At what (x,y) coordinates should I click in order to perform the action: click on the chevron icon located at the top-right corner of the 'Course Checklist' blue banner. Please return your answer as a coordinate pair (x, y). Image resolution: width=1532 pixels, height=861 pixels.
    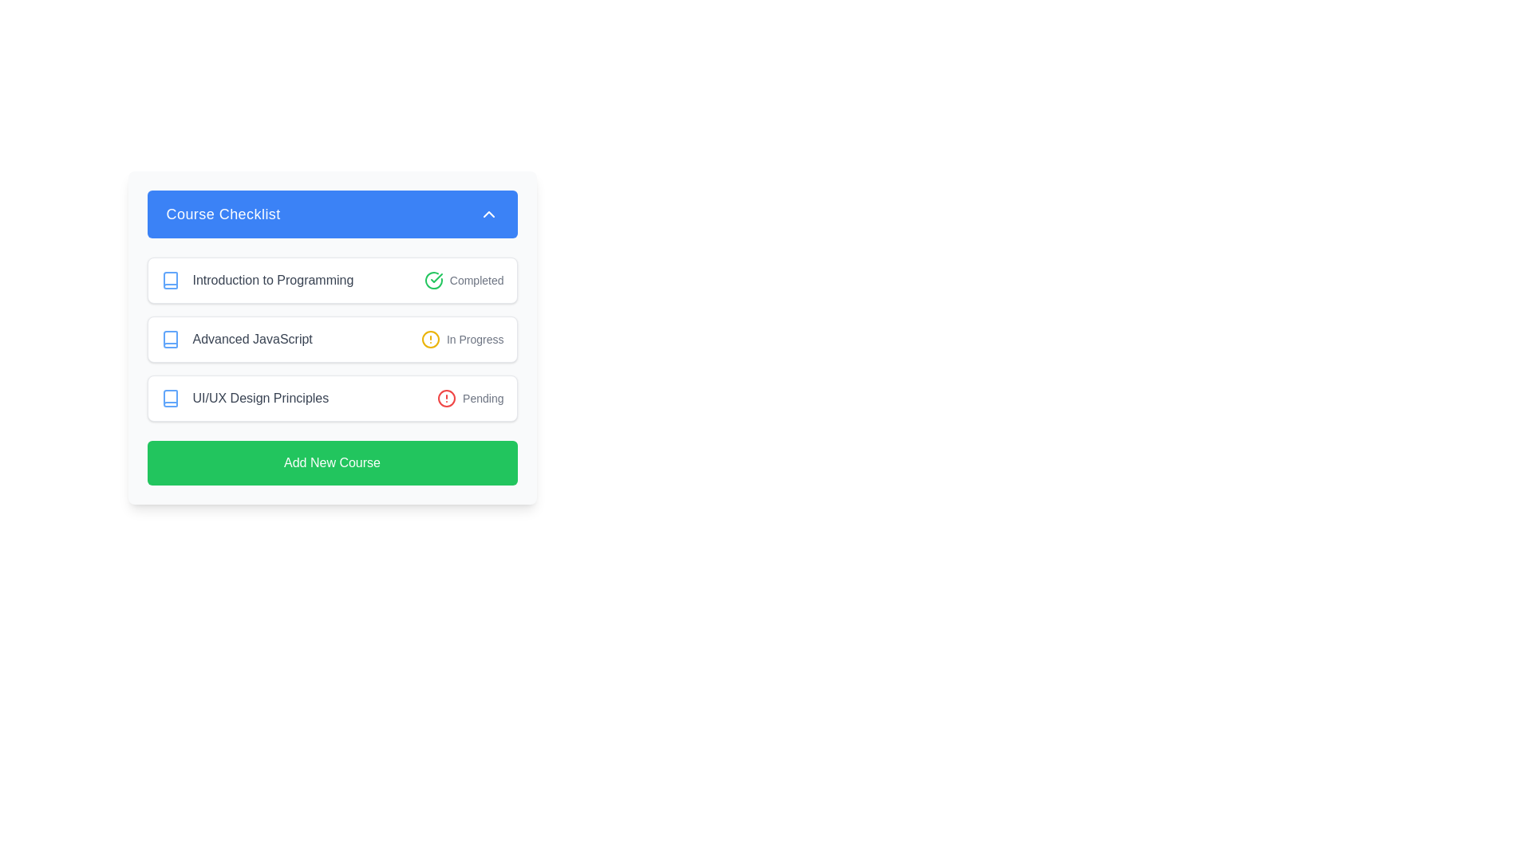
    Looking at the image, I should click on (488, 214).